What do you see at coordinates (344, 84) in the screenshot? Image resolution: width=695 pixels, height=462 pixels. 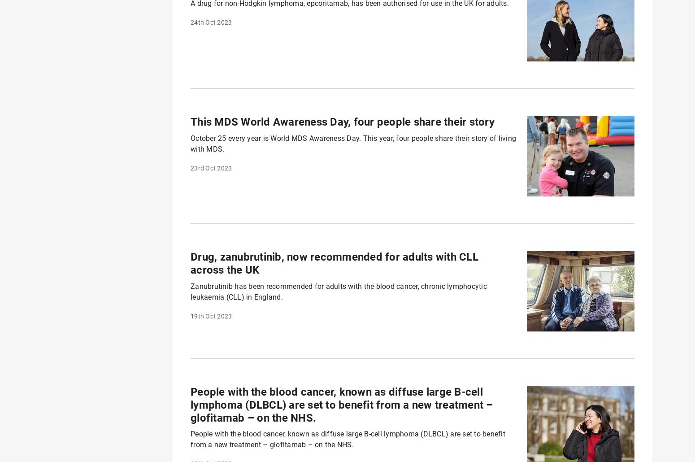 I see `'Today, the UK's National Cancer Research Institute announced it is winding down. Launched in 2001, only last year, the organisation consulted widely to produce a new strategy. Now board members have made the decision to wind down the Institute.'` at bounding box center [344, 84].